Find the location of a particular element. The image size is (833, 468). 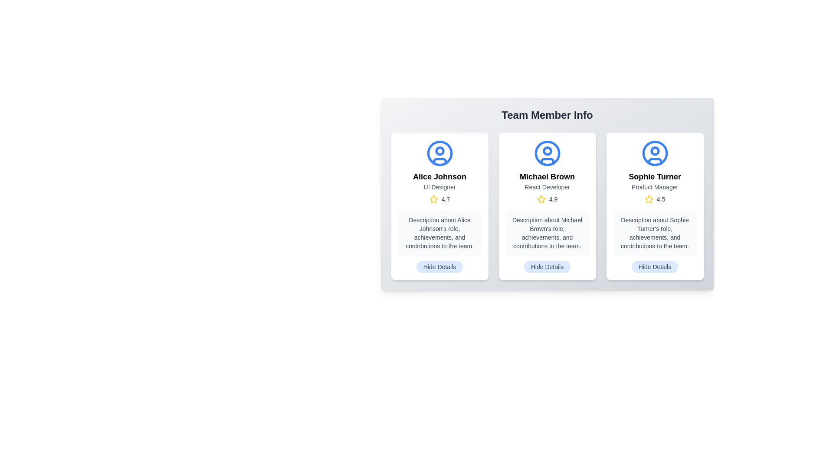

the Label element displaying 'React Developer', which is styled with small gray font and positioned below 'Michael Brown' and above the star rating display is located at coordinates (547, 187).